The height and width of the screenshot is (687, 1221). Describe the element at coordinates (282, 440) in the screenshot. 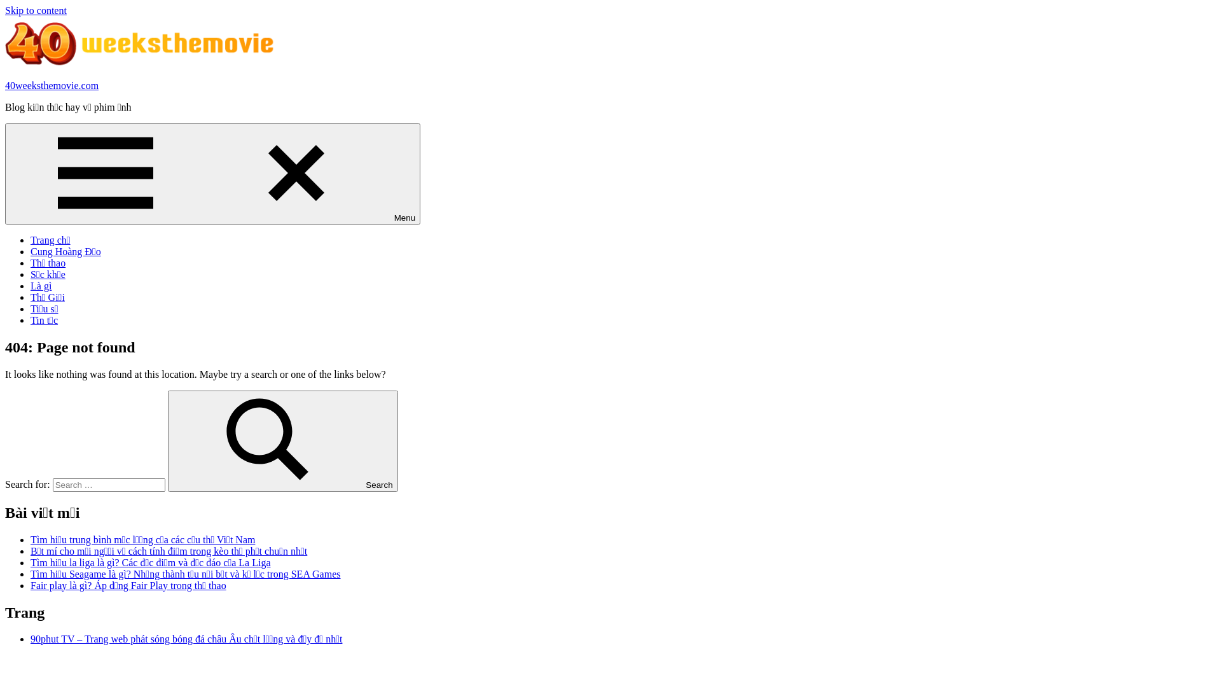

I see `'Search'` at that location.